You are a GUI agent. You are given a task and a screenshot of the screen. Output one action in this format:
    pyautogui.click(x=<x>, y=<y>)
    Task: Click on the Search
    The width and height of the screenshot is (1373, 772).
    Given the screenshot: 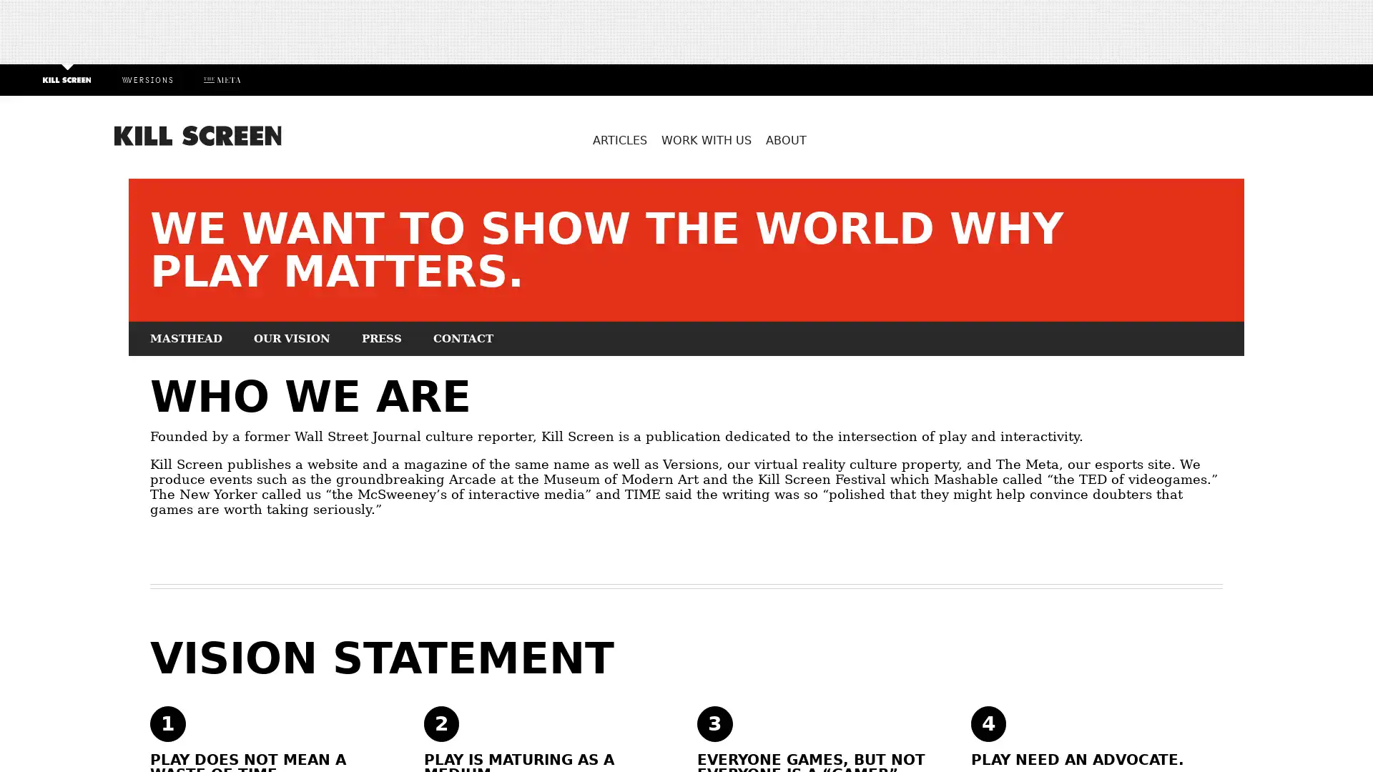 What is the action you would take?
    pyautogui.click(x=1188, y=139)
    